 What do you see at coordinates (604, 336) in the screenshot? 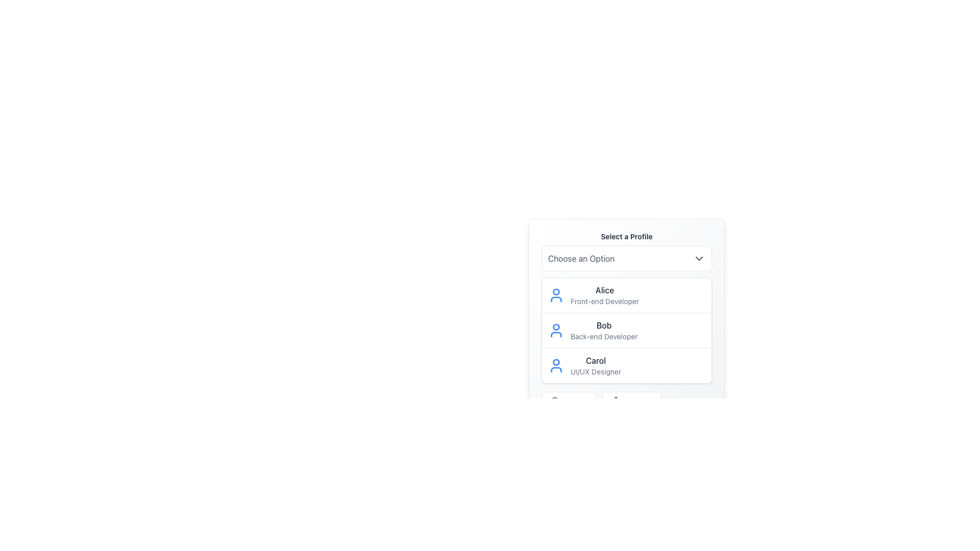
I see `job title text label 'Back-end Developer' associated with the profile 'Bob', located directly below the name 'Bob' in the second profile entry of the selection list` at bounding box center [604, 336].